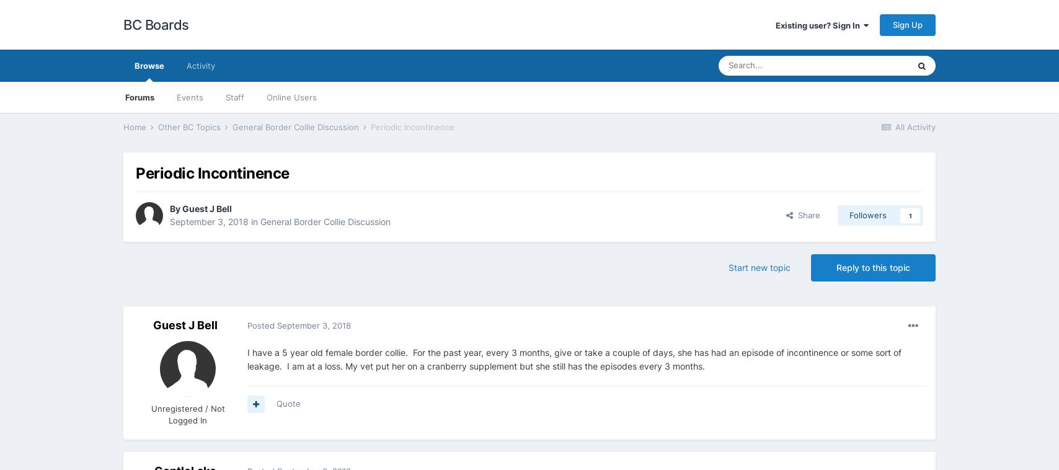 The image size is (1059, 470). What do you see at coordinates (201, 208) in the screenshot?
I see `'By 


Guest J Bell'` at bounding box center [201, 208].